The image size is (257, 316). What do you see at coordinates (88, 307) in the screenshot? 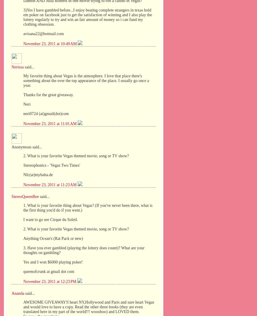
I see `'AWESOME GIVEAWAY!I heart NY,Hollywood and Paris and sure heart Vegas and would love to have a copy. Read the other three books (they are even translated here in my part of the world!!! wooohoo) and LOVED them.'` at bounding box center [88, 307].